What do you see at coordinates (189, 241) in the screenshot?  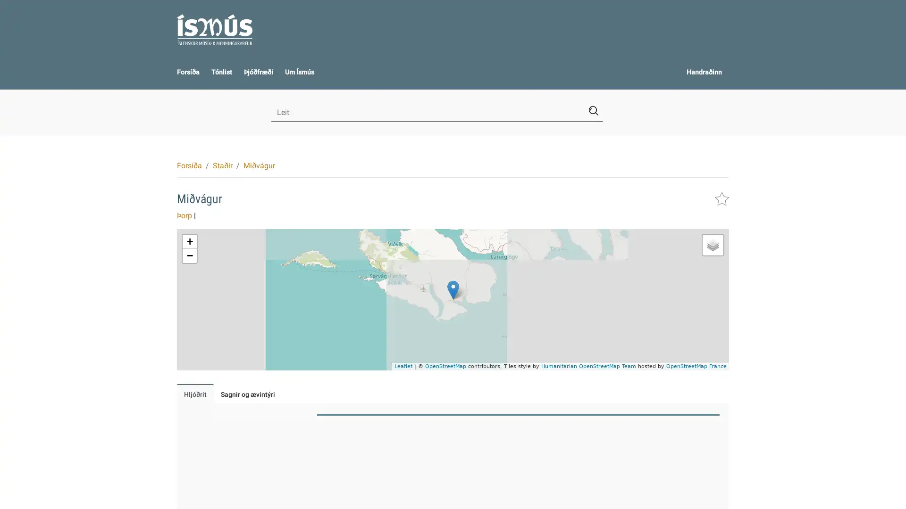 I see `Zoom in` at bounding box center [189, 241].